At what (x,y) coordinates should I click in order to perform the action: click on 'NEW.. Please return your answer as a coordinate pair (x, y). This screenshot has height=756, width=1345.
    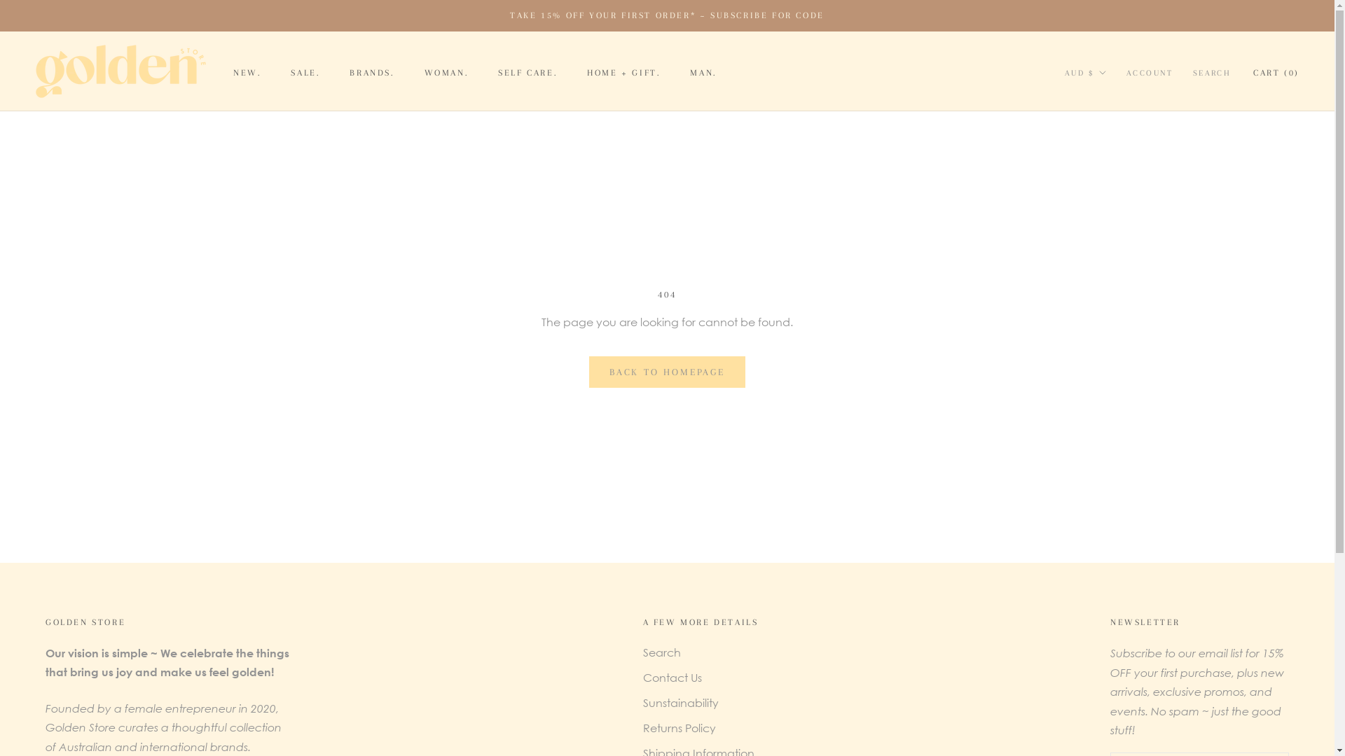
    Looking at the image, I should click on (247, 73).